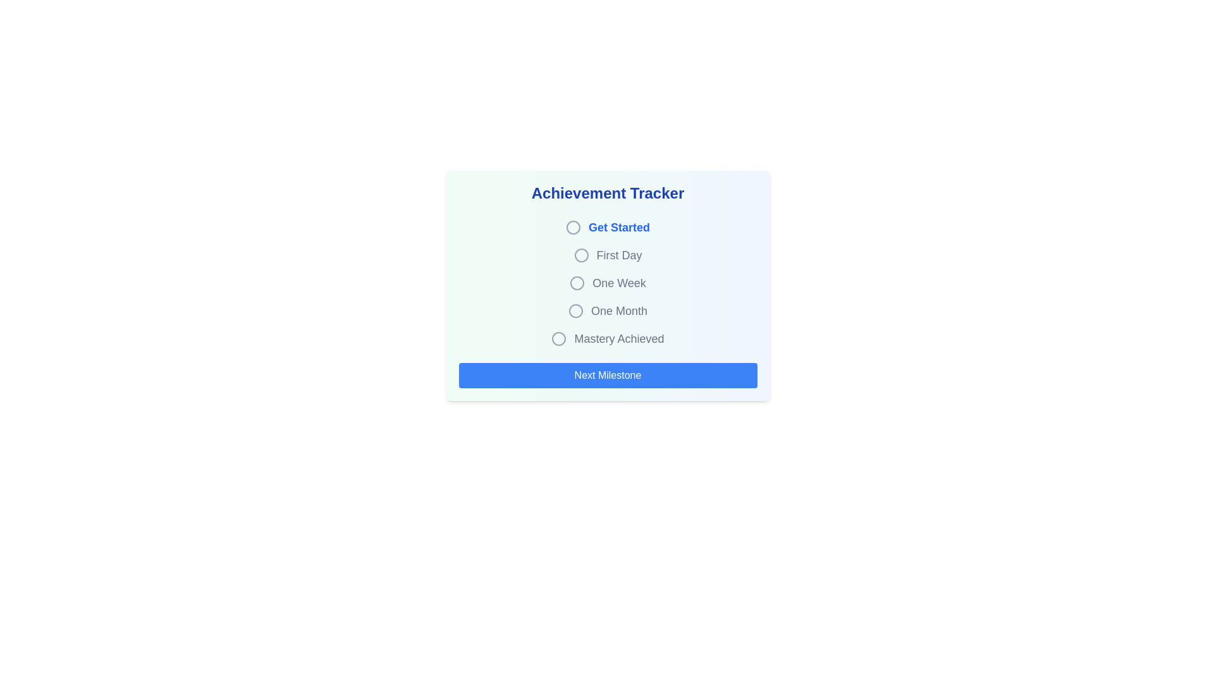 Image resolution: width=1214 pixels, height=683 pixels. I want to click on the 'One Month' radio button, so click(608, 311).